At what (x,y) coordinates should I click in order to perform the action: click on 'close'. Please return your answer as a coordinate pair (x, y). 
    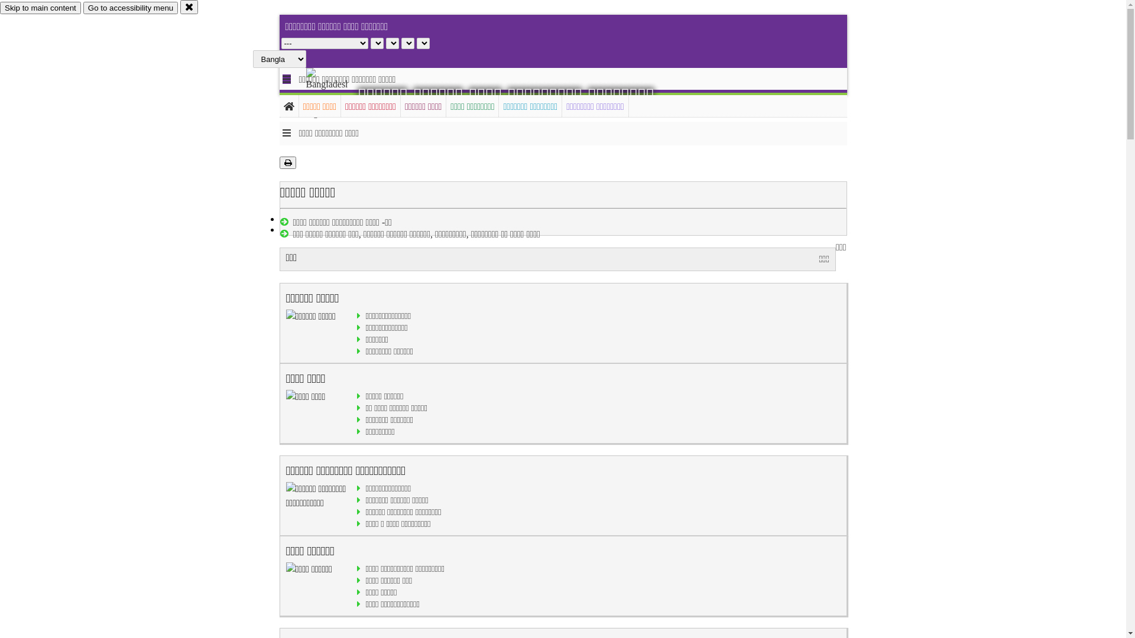
    Looking at the image, I should click on (189, 6).